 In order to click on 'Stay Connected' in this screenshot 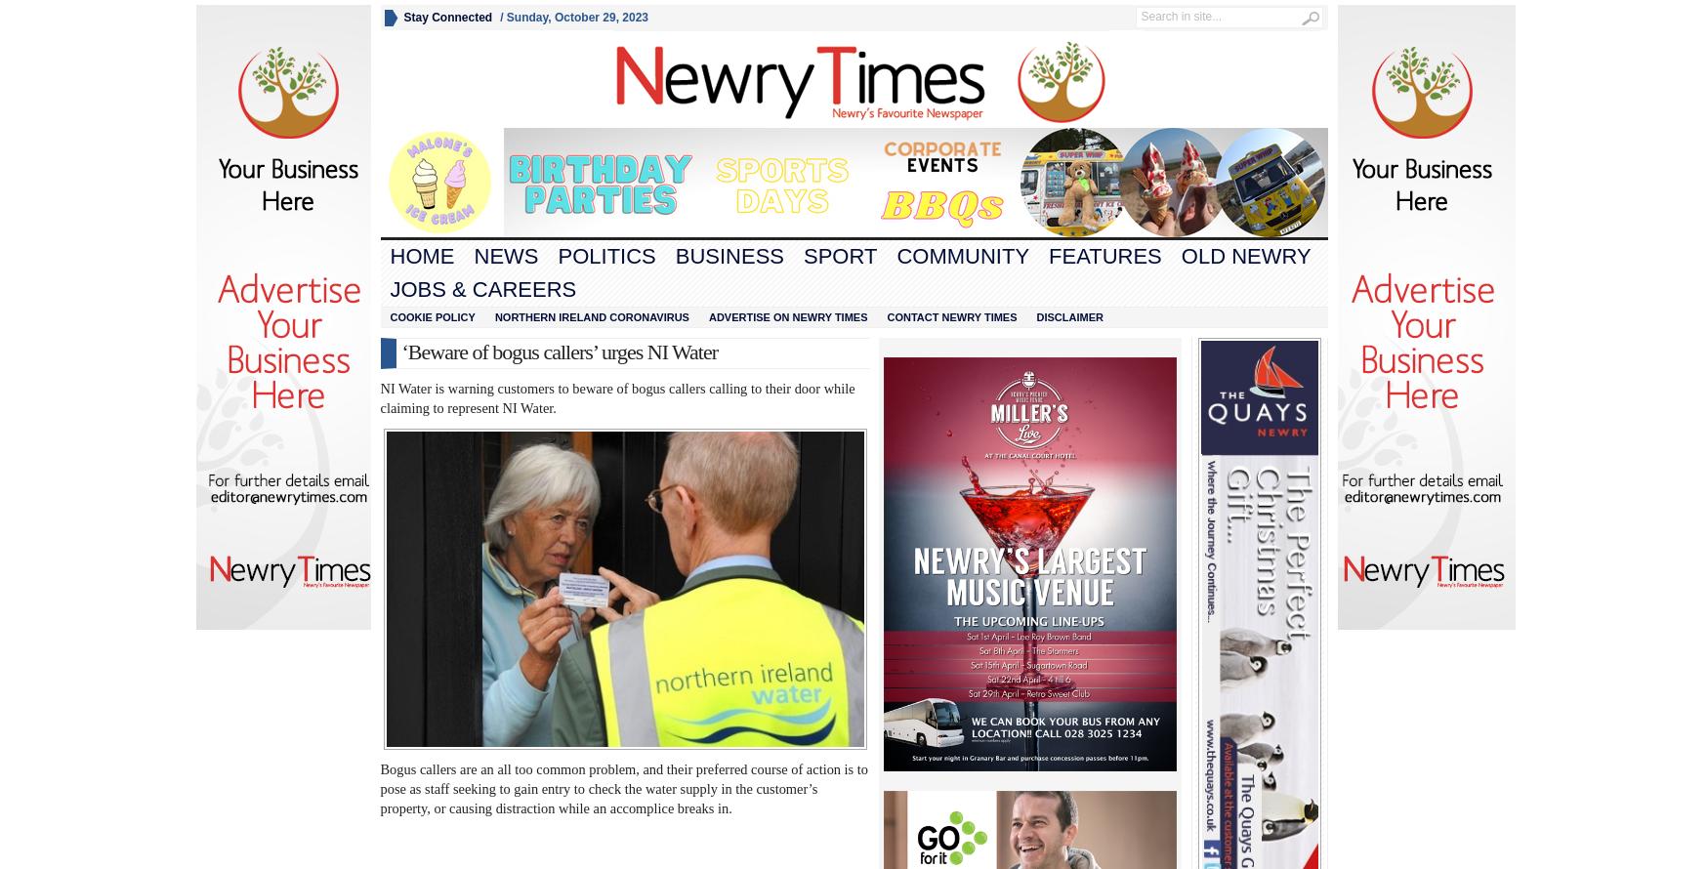, I will do `click(446, 17)`.